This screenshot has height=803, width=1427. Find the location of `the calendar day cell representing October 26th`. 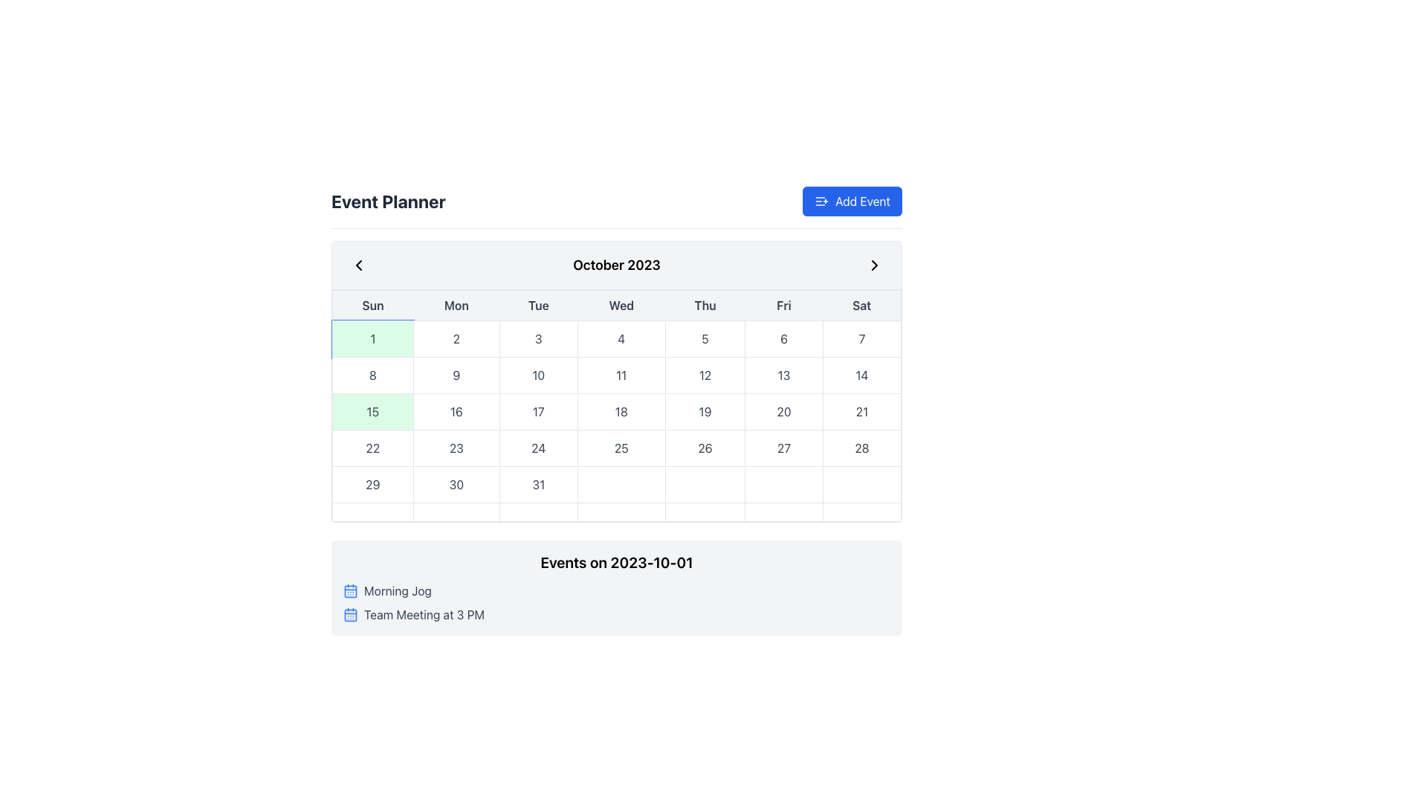

the calendar day cell representing October 26th is located at coordinates (705, 447).